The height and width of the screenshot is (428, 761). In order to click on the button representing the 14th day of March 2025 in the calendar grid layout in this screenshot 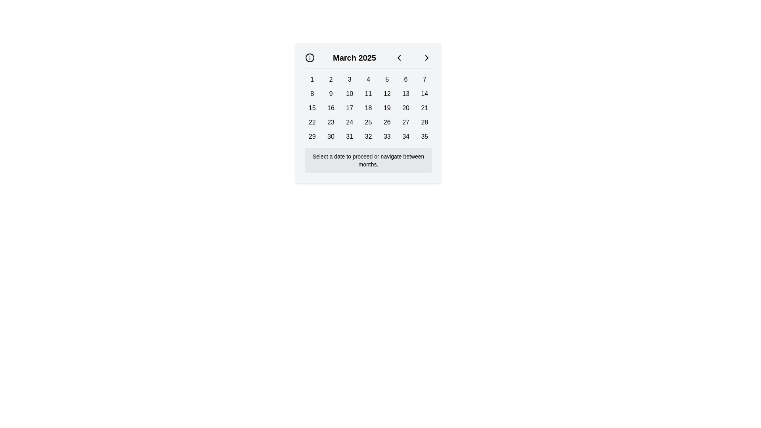, I will do `click(424, 93)`.